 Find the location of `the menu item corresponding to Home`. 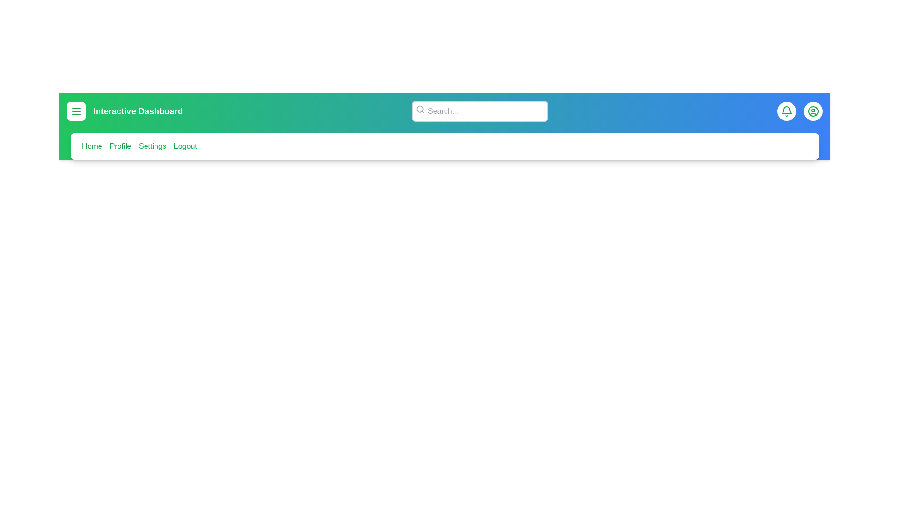

the menu item corresponding to Home is located at coordinates (91, 146).